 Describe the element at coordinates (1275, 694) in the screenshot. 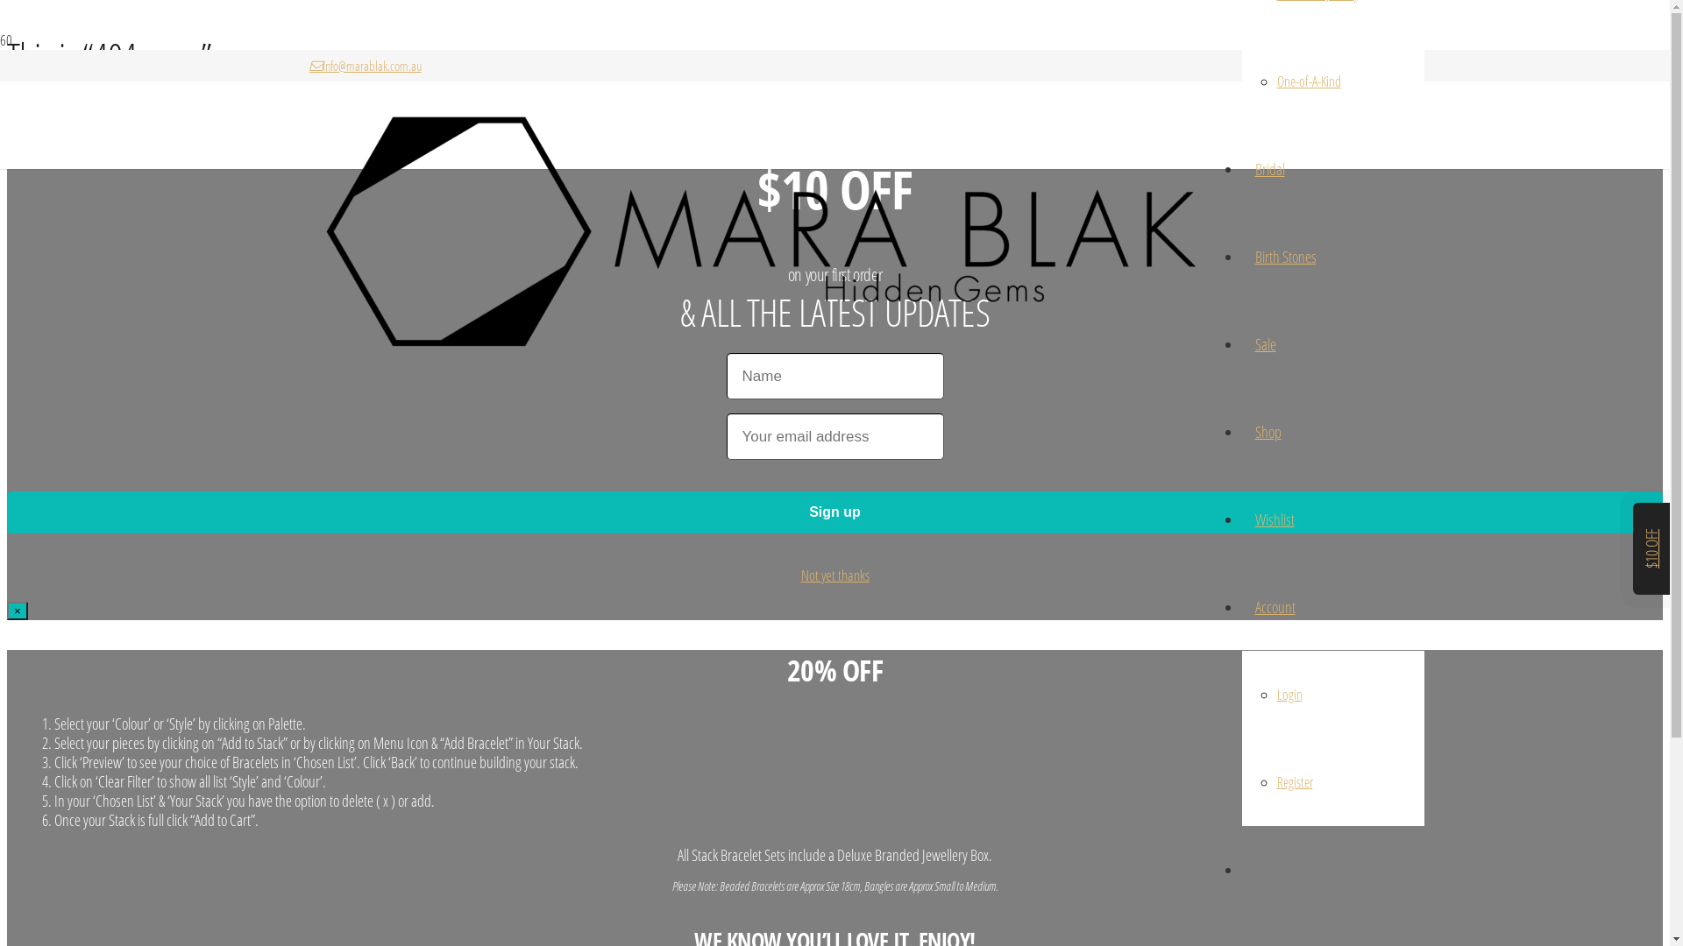

I see `'Login'` at that location.